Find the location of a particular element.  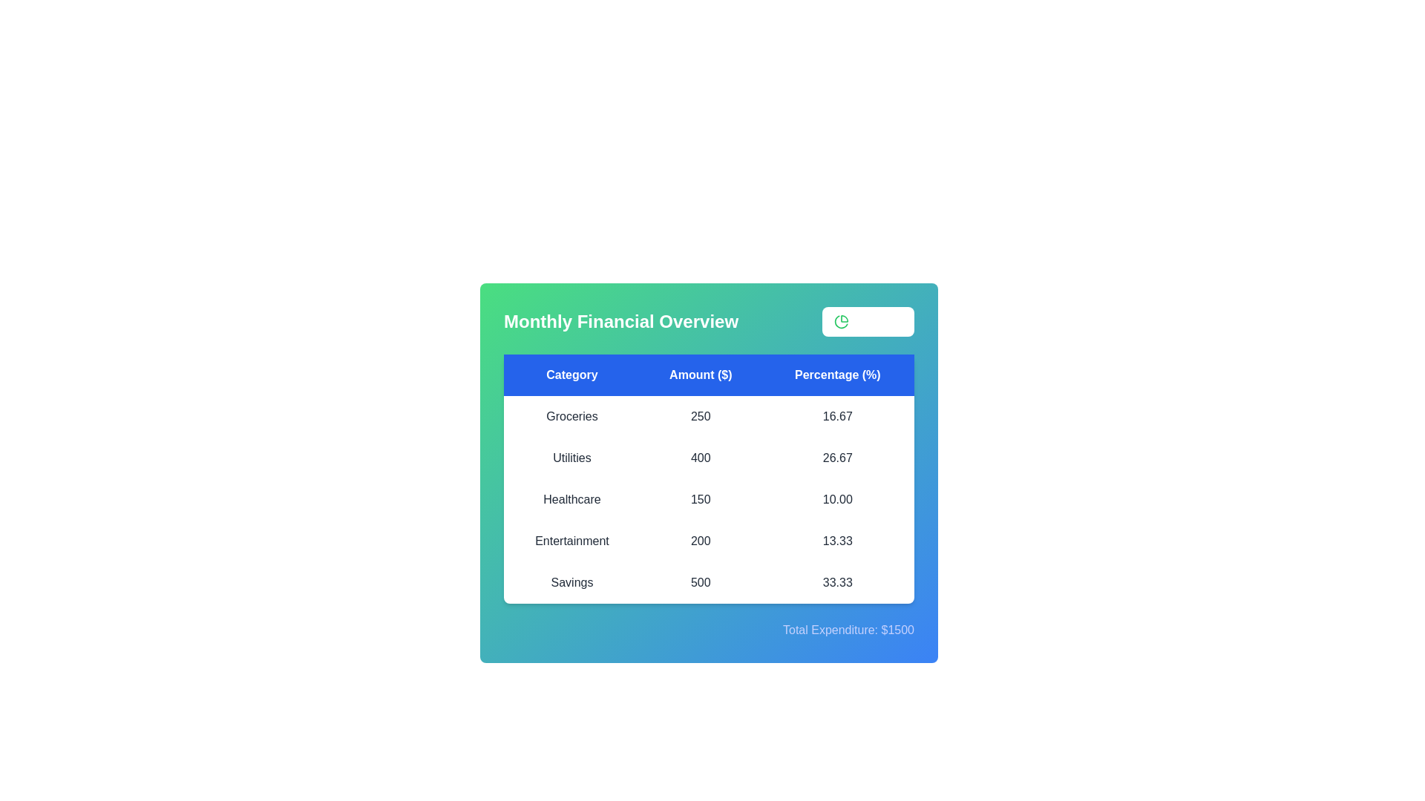

the percentage value for the category Utilities is located at coordinates (837, 457).